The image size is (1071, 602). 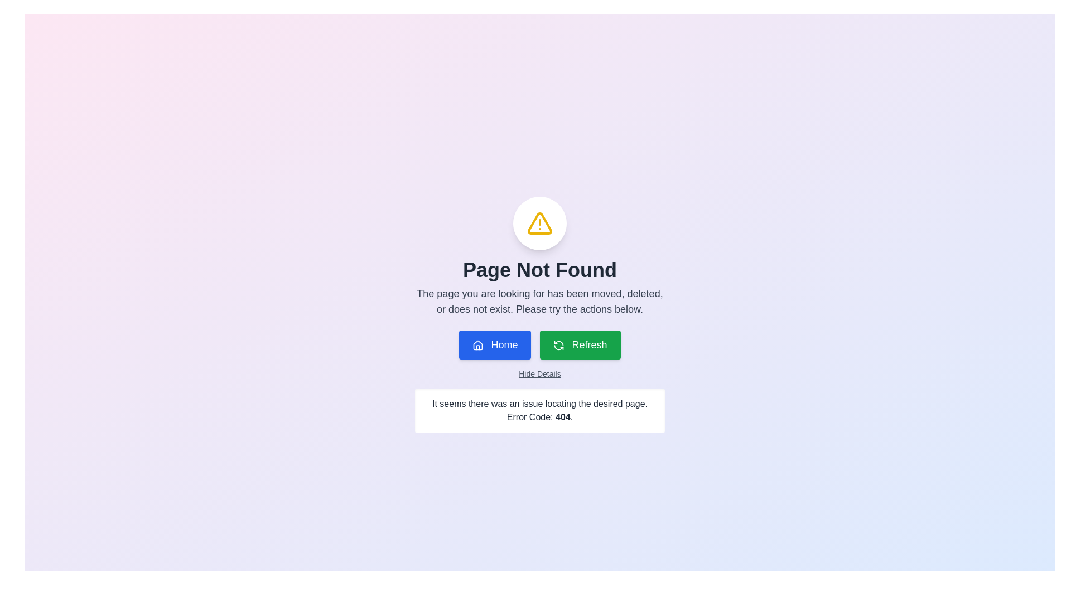 What do you see at coordinates (580, 344) in the screenshot?
I see `the 'Refresh' button, which is a rectangular button with rounded corners, a green background, and white text` at bounding box center [580, 344].